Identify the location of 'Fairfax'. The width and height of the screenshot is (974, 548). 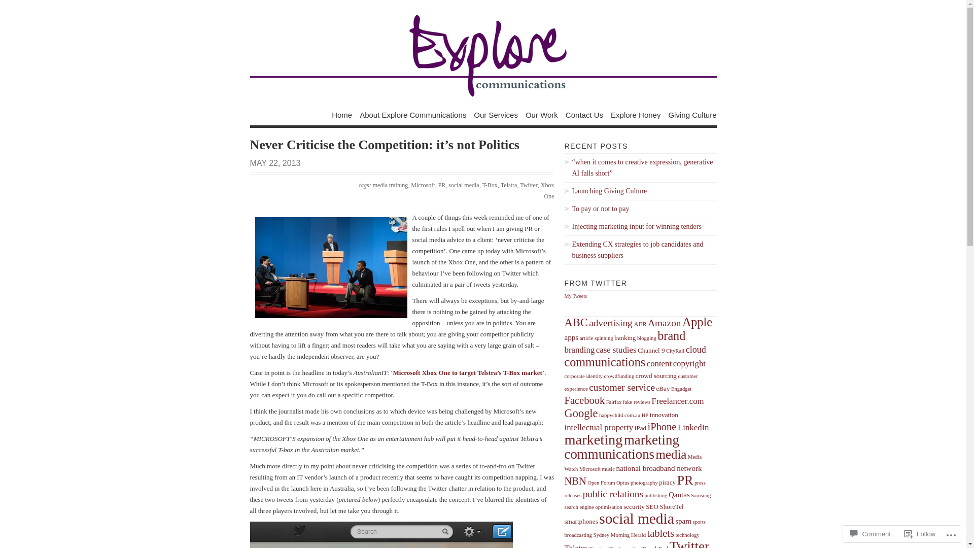
(613, 401).